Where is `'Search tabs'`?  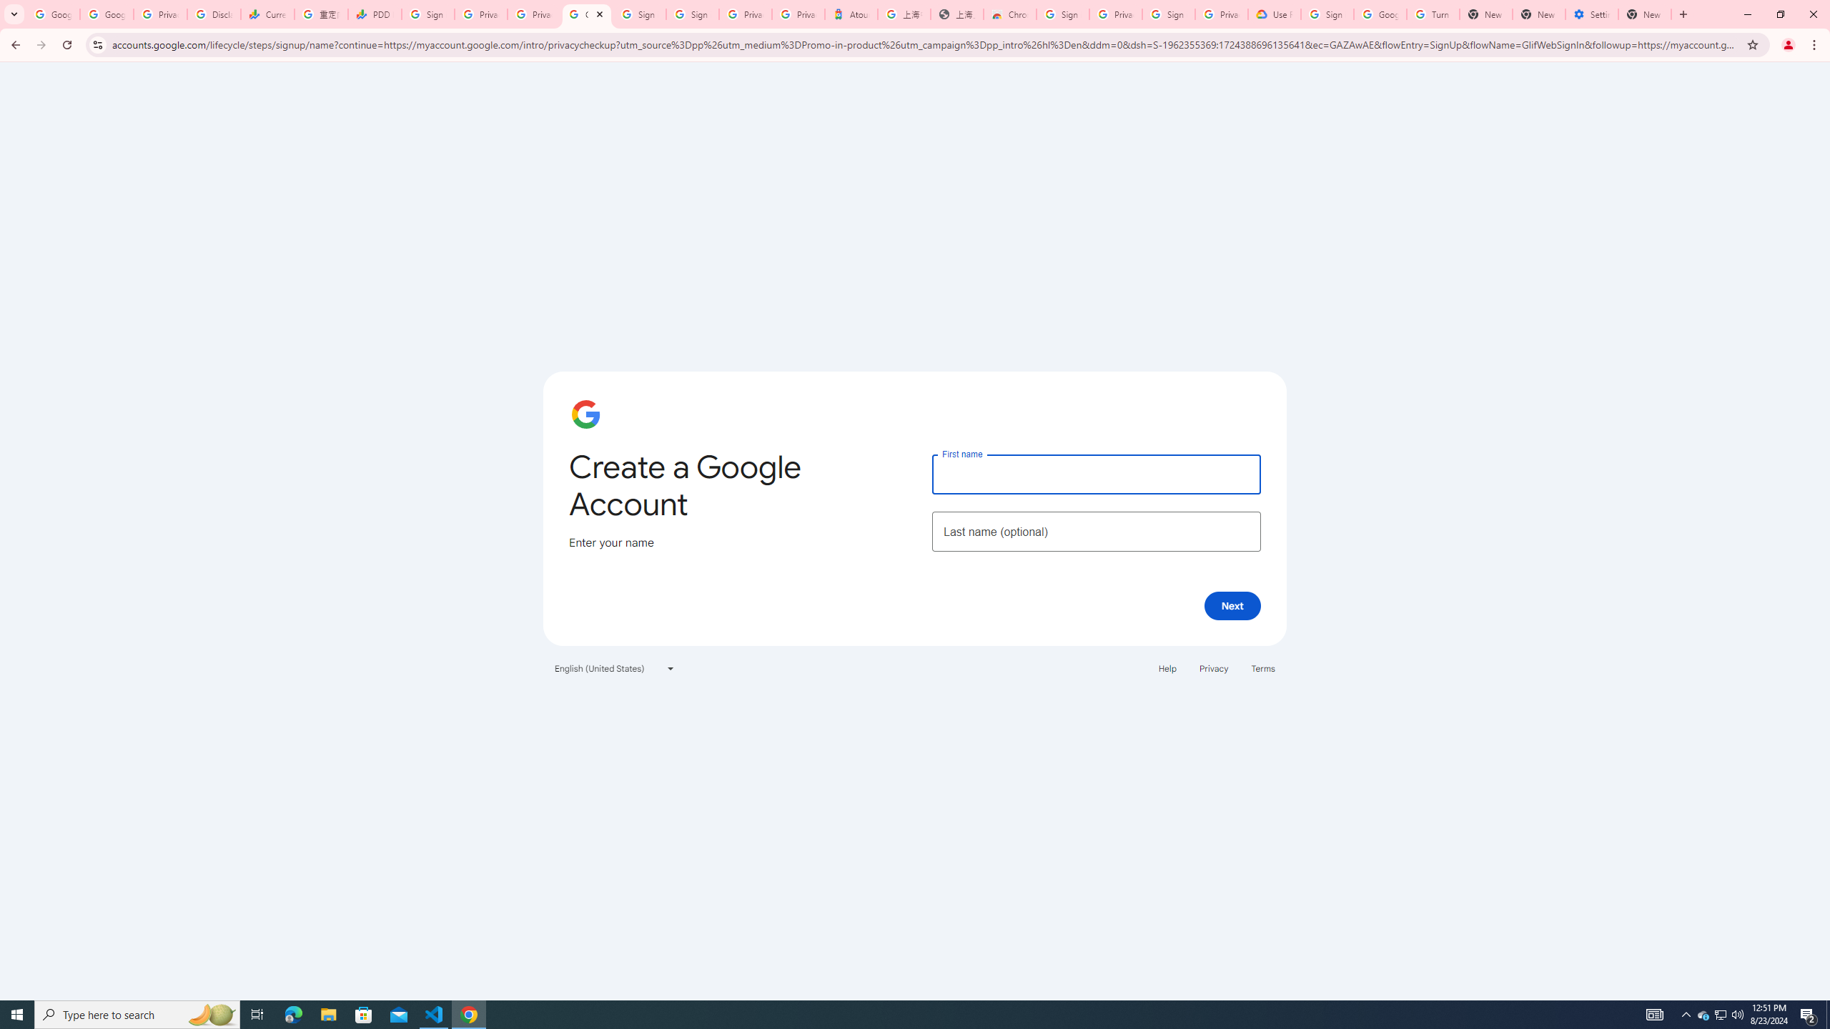
'Search tabs' is located at coordinates (14, 14).